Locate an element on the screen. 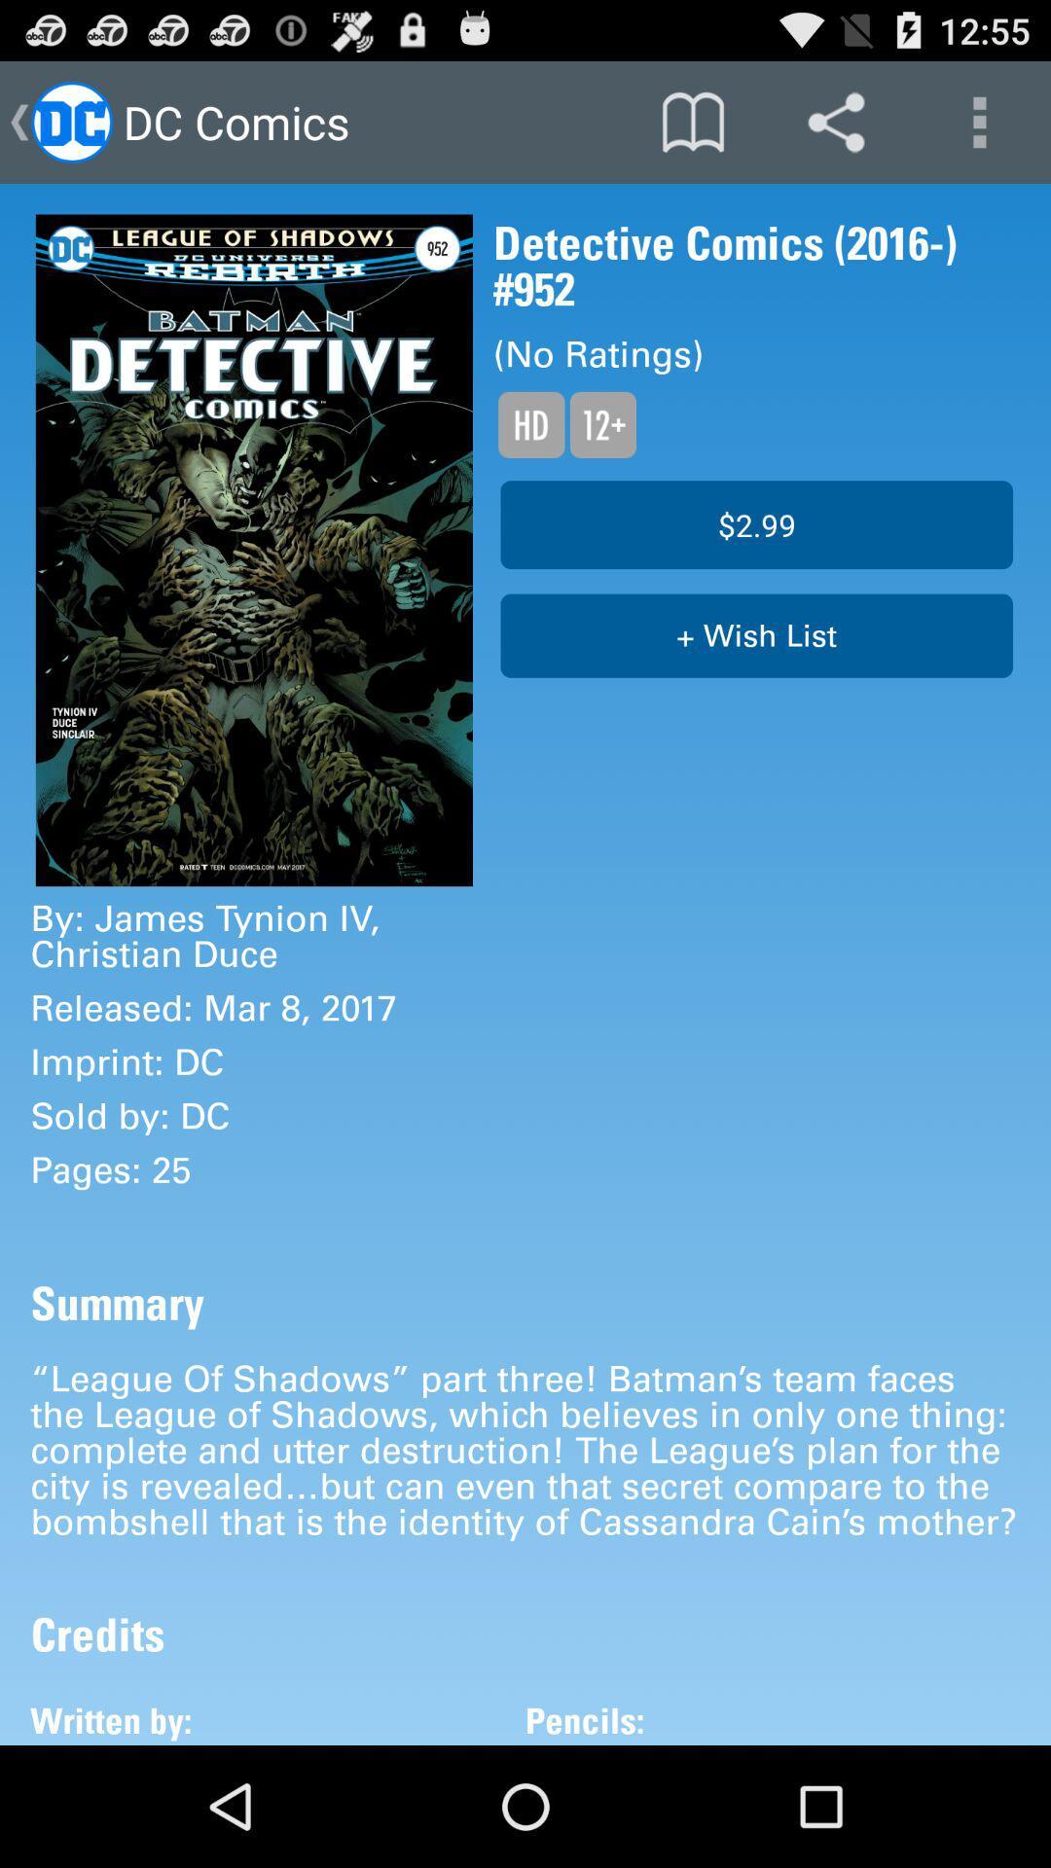  icon above + wish list icon is located at coordinates (755, 524).